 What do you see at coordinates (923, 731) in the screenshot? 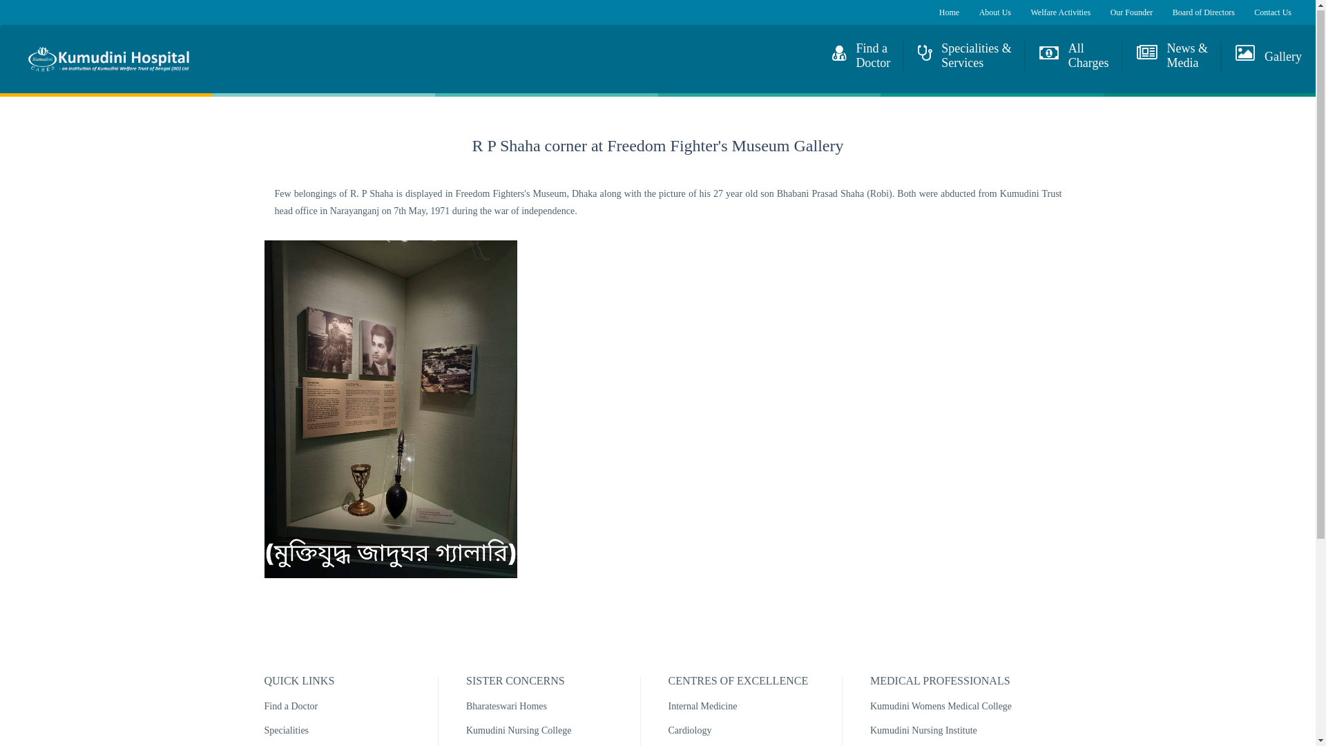
I see `'Kumudini Nursing Institute'` at bounding box center [923, 731].